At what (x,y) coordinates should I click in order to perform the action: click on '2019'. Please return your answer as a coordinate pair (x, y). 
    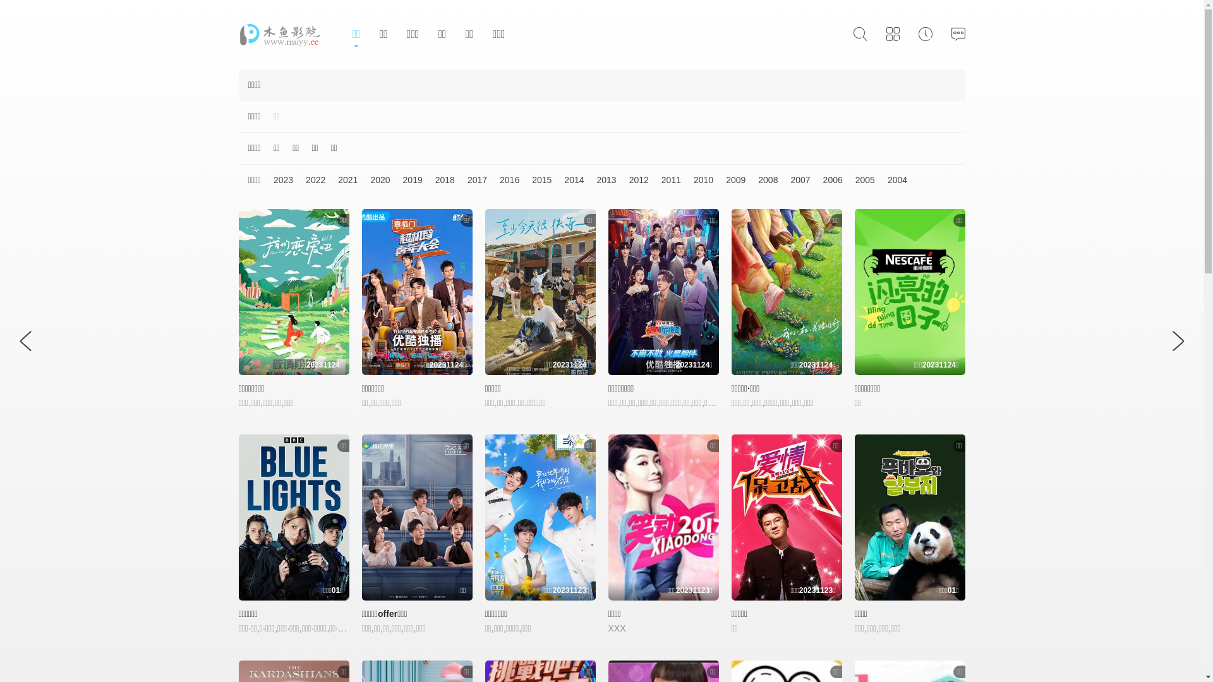
    Looking at the image, I should click on (406, 180).